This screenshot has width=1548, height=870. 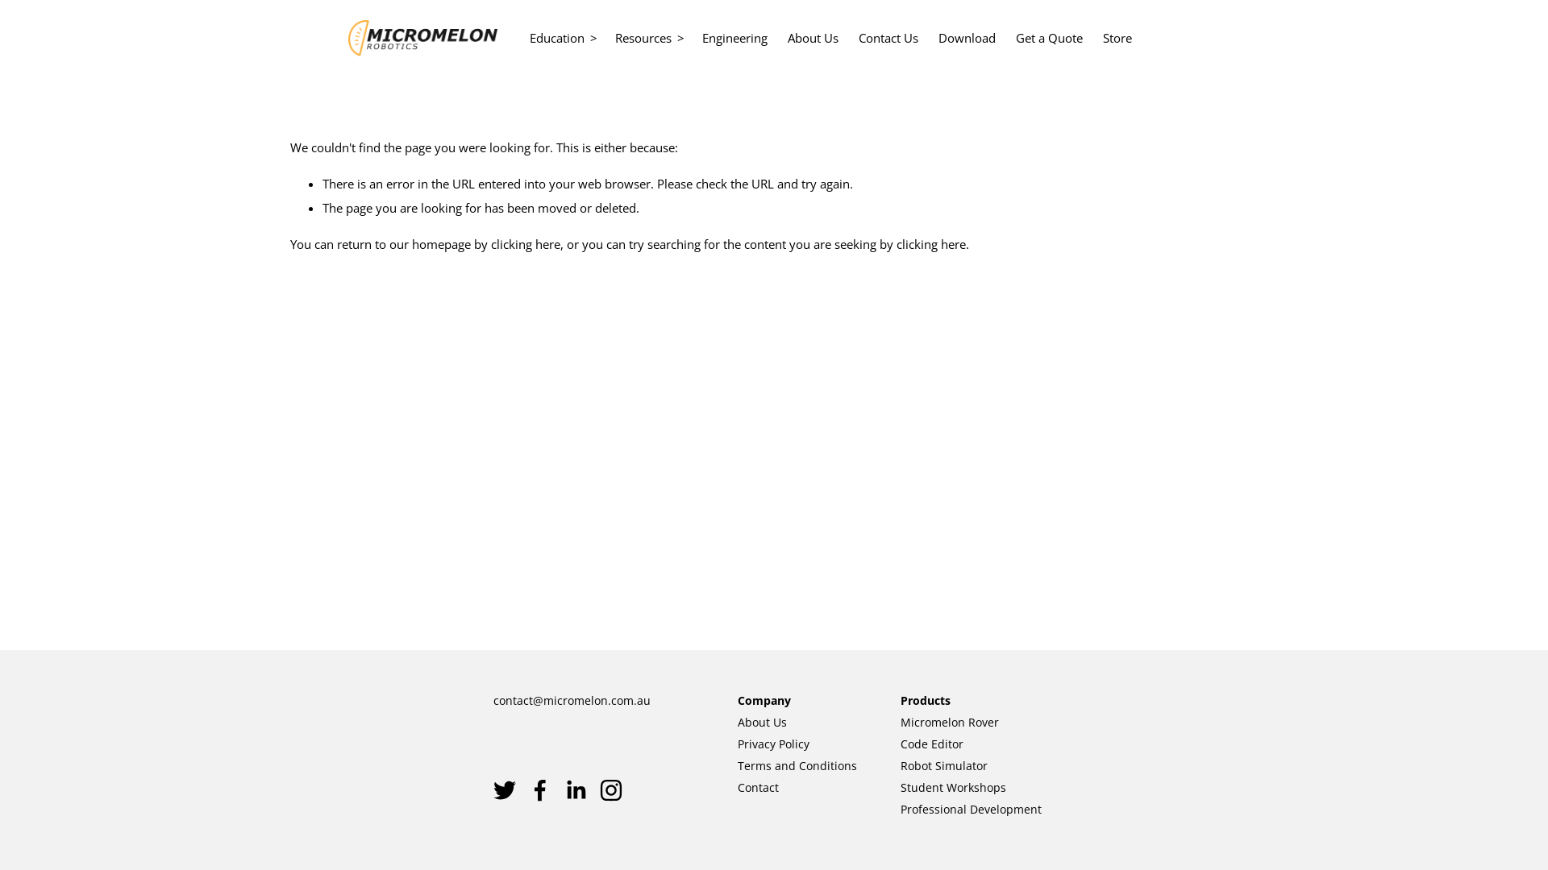 I want to click on 'About Us', so click(x=813, y=37).